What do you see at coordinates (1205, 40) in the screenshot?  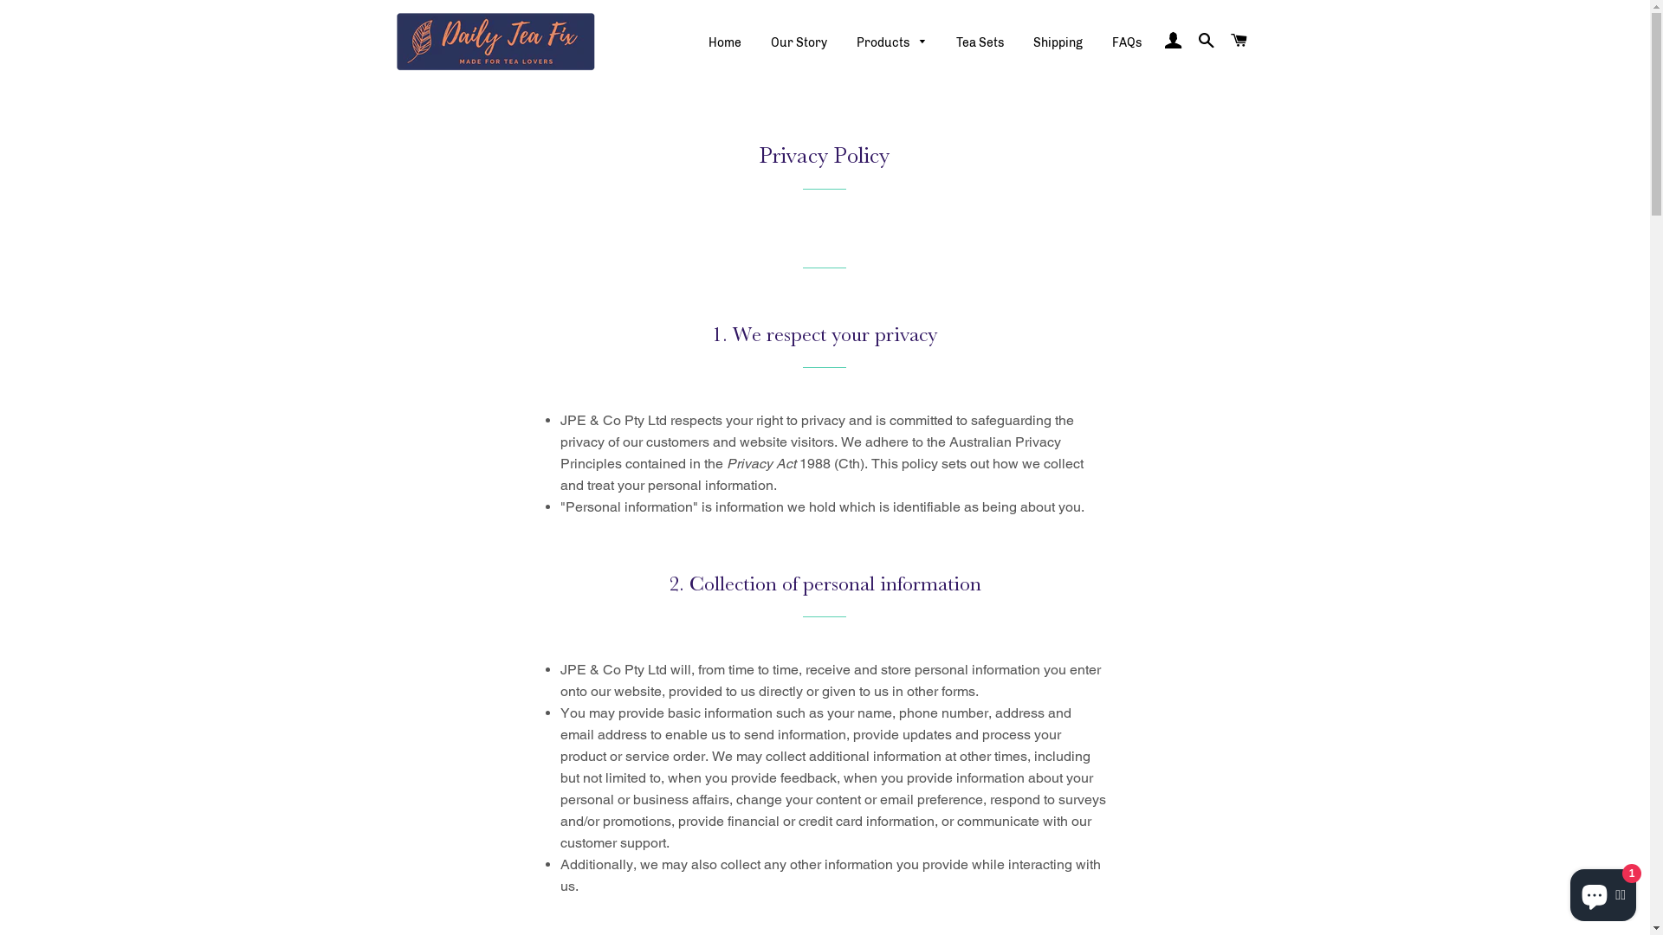 I see `'Search'` at bounding box center [1205, 40].